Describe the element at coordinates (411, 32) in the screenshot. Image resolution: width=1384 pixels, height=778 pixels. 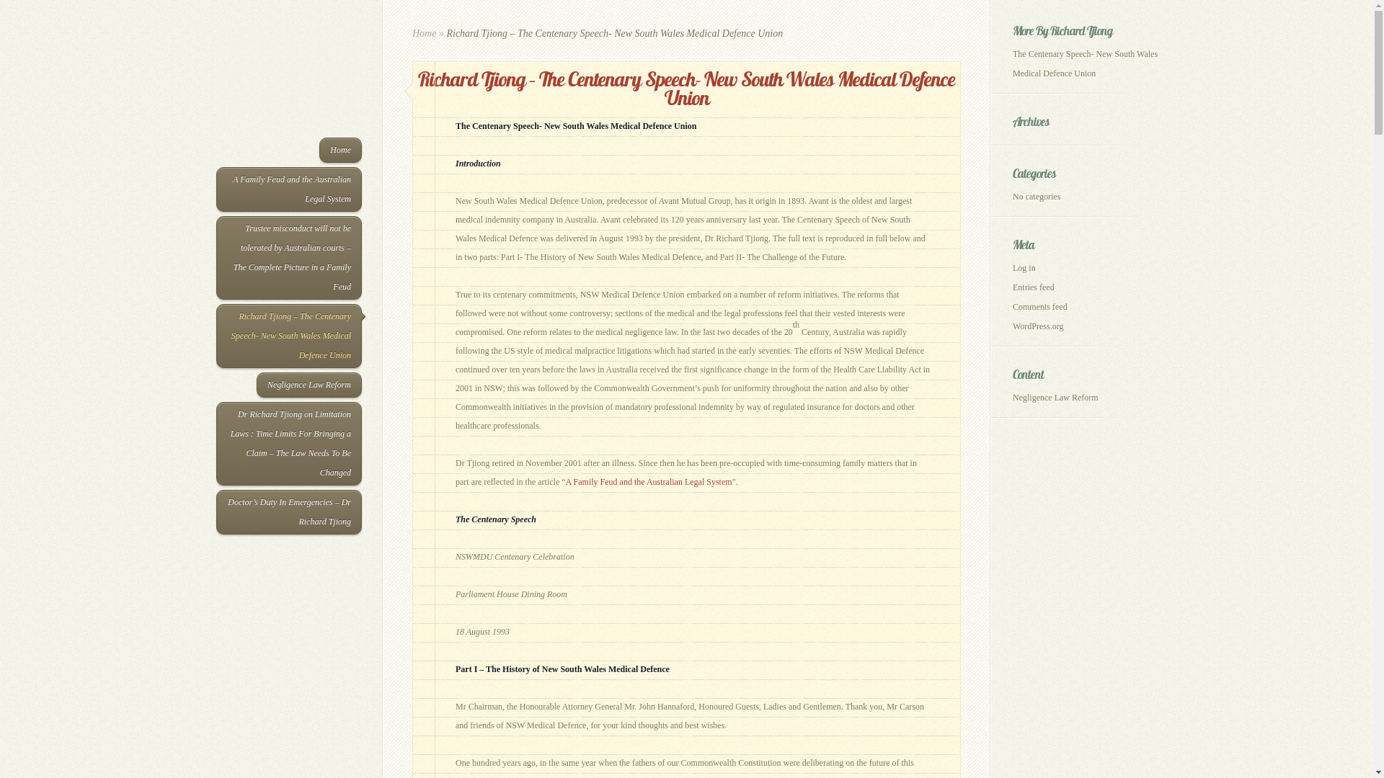
I see `'Home'` at that location.